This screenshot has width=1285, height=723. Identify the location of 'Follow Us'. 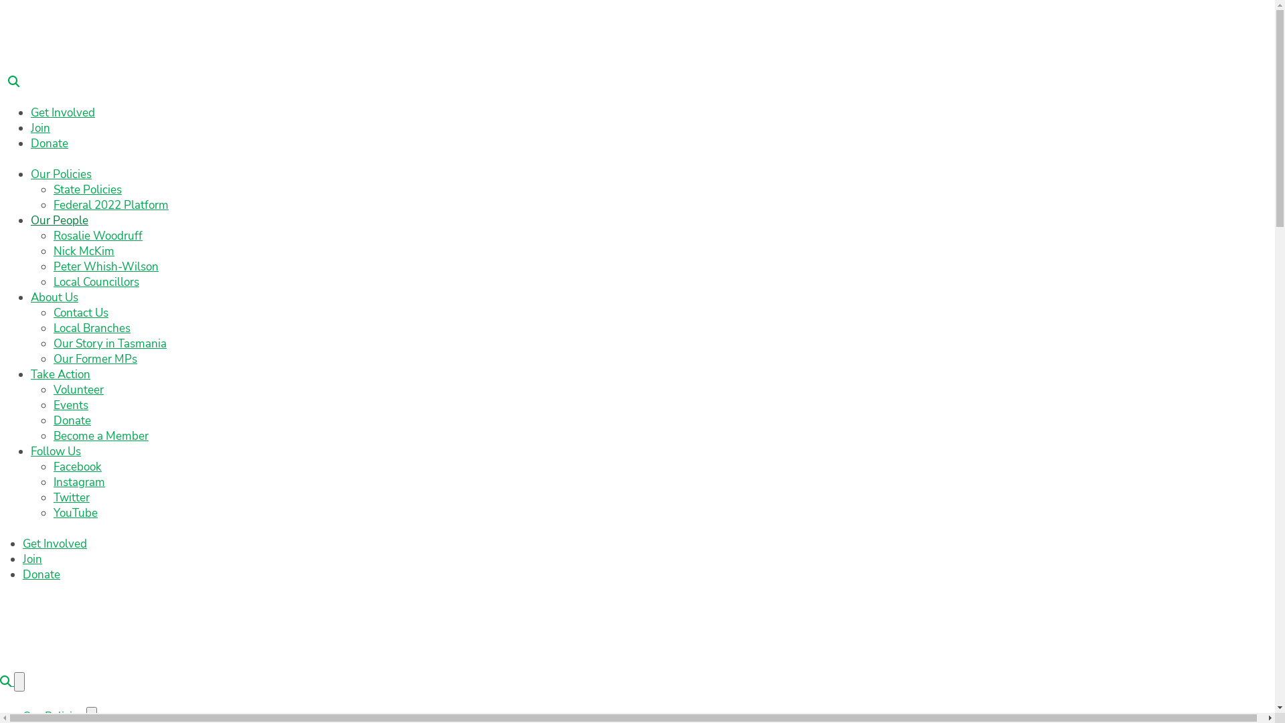
(31, 451).